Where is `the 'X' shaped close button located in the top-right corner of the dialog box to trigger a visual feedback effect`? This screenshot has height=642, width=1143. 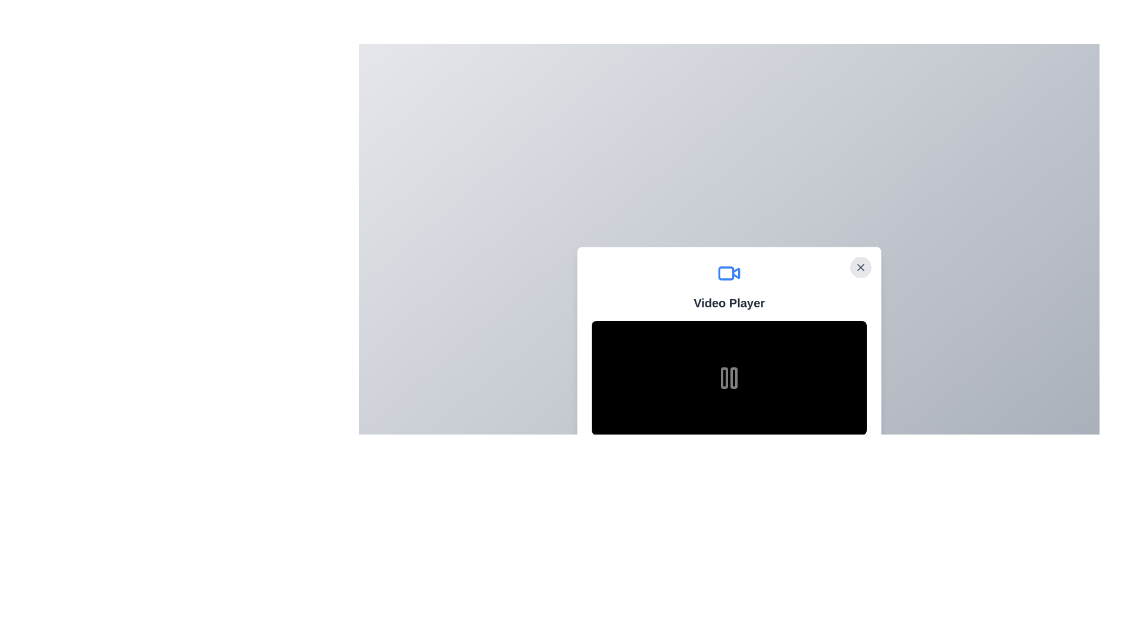 the 'X' shaped close button located in the top-right corner of the dialog box to trigger a visual feedback effect is located at coordinates (860, 267).